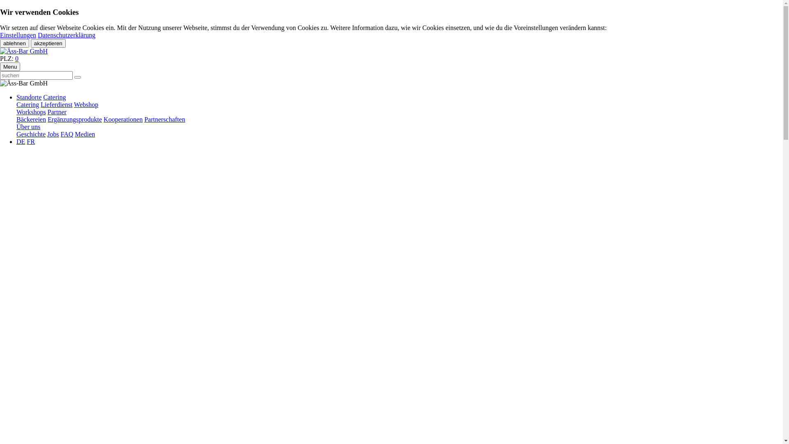 This screenshot has width=789, height=444. What do you see at coordinates (10, 66) in the screenshot?
I see `'Menu'` at bounding box center [10, 66].